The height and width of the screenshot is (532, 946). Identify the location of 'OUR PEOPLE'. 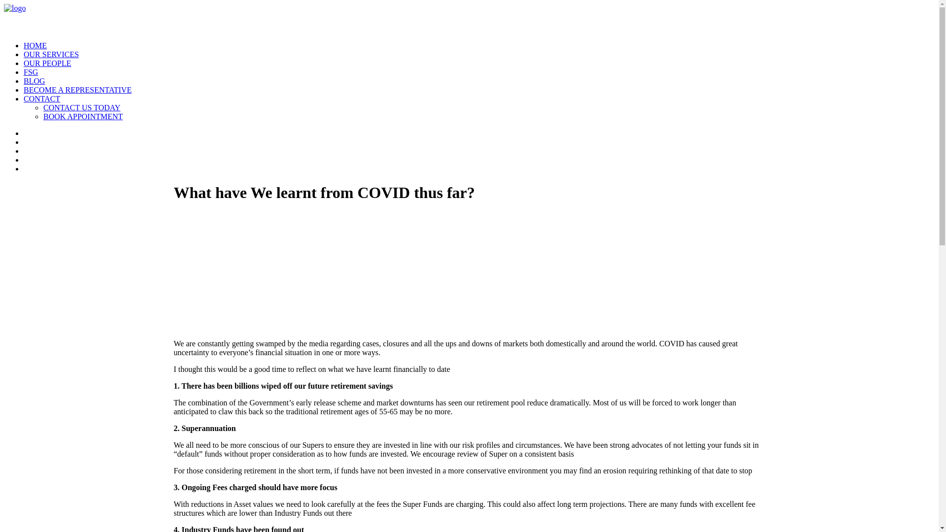
(47, 63).